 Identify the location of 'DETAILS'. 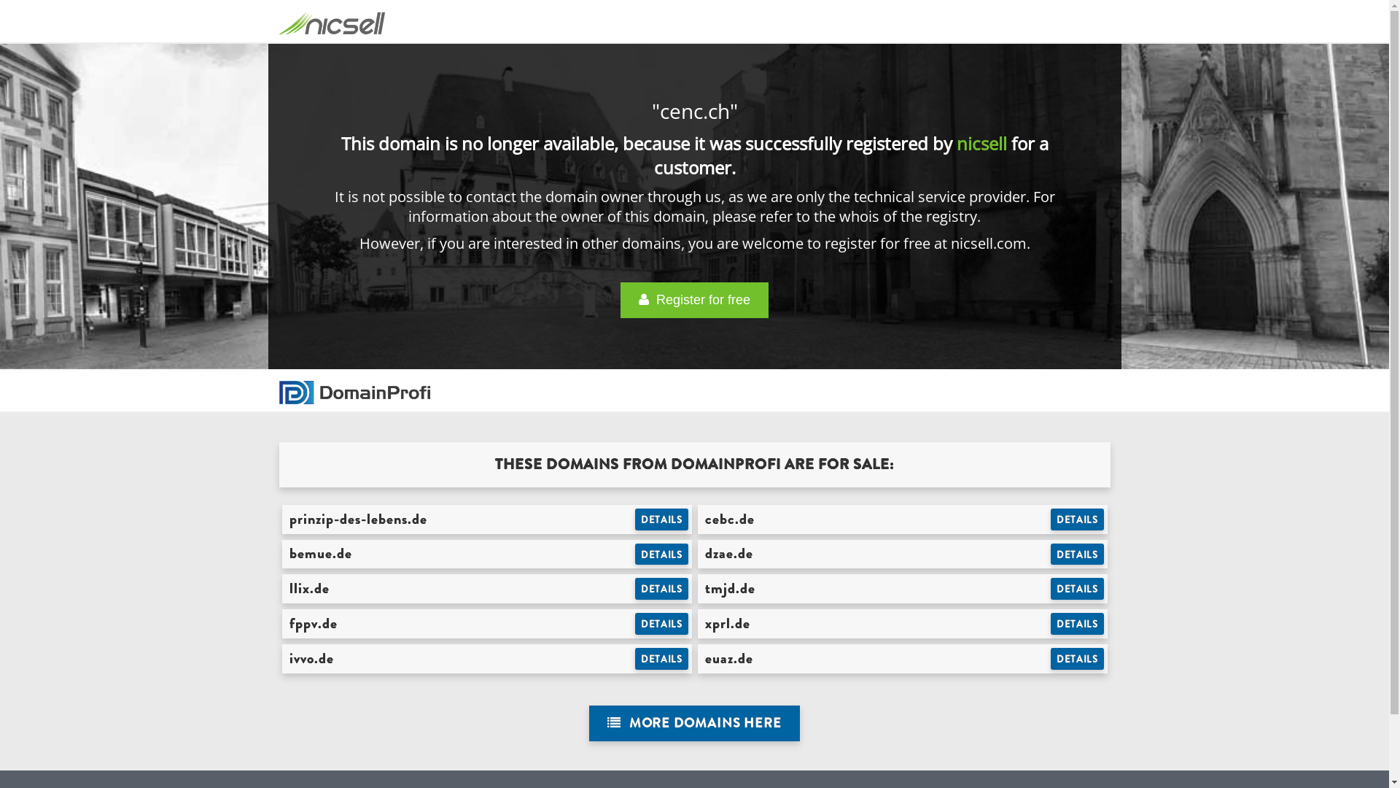
(1077, 519).